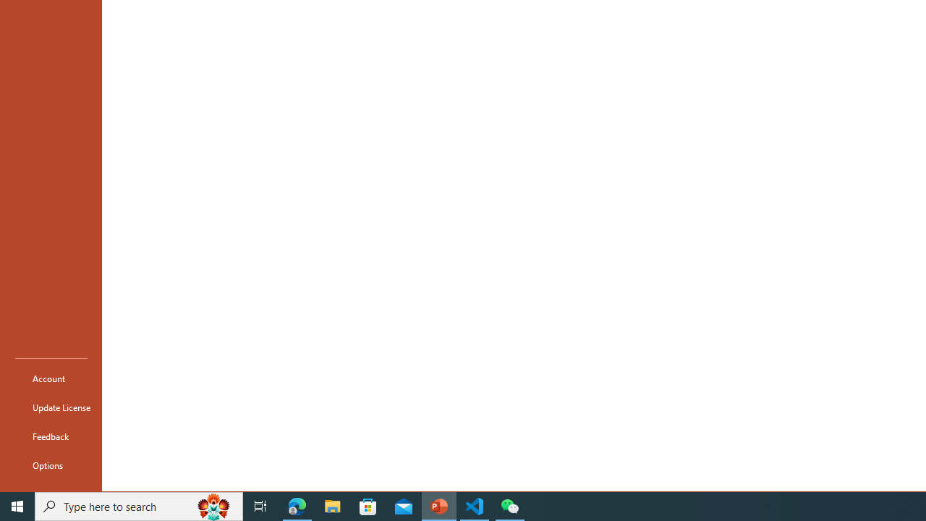 Image resolution: width=926 pixels, height=521 pixels. What do you see at coordinates (475, 505) in the screenshot?
I see `'Visual Studio Code - 1 running window'` at bounding box center [475, 505].